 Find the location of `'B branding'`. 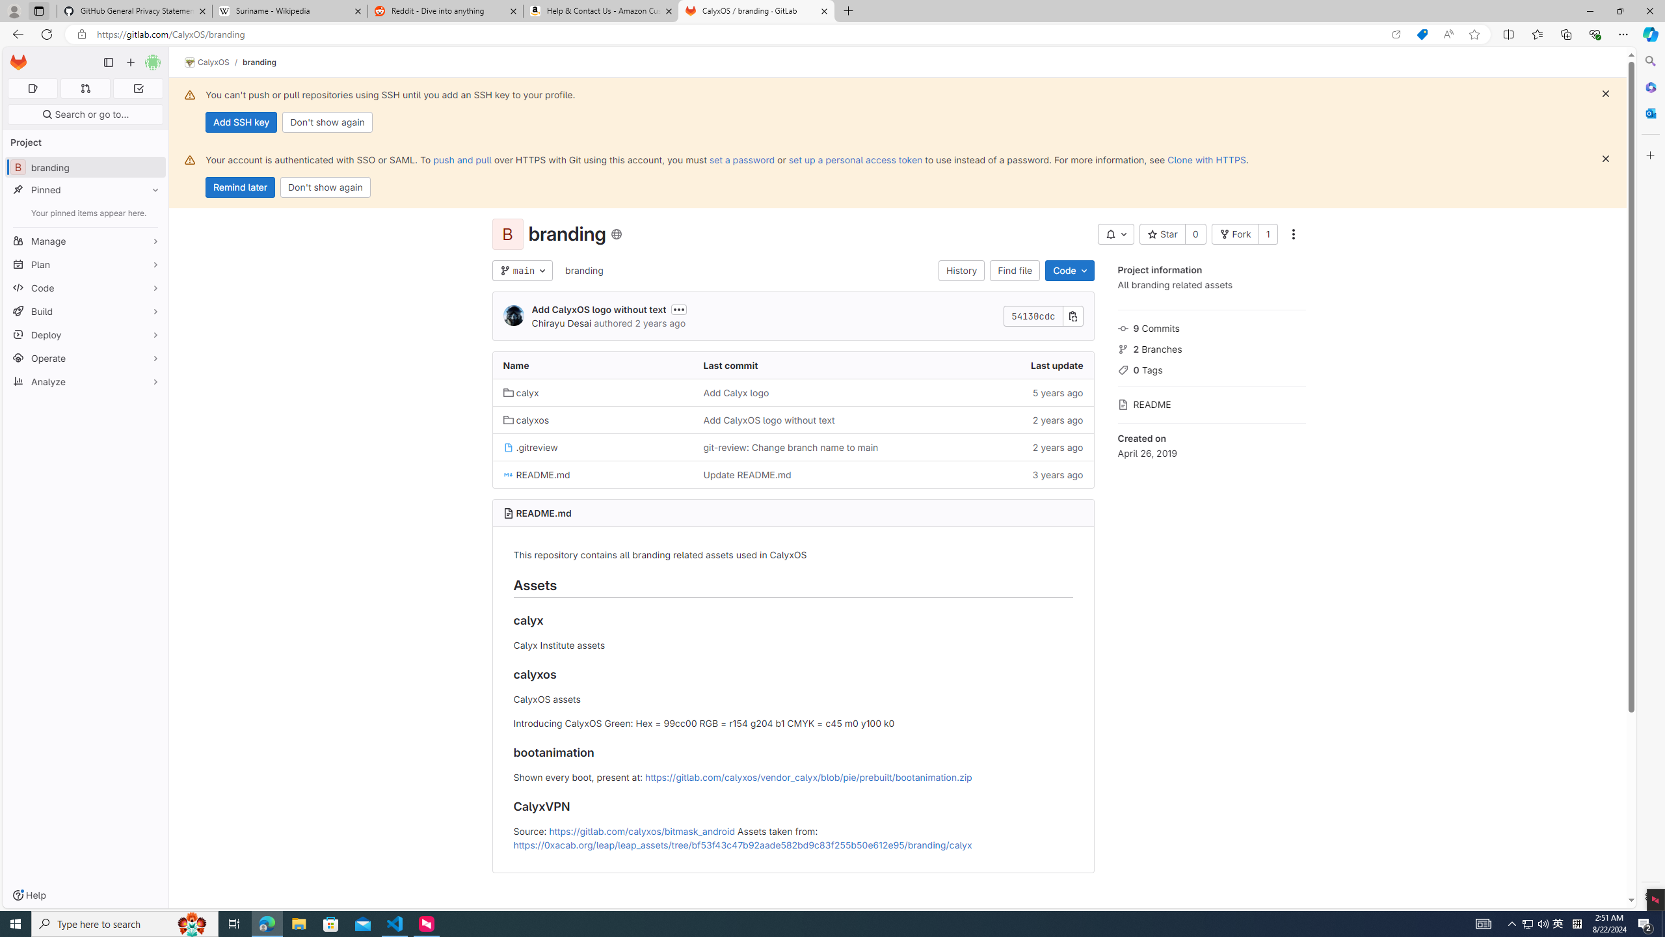

'B branding' is located at coordinates (85, 167).